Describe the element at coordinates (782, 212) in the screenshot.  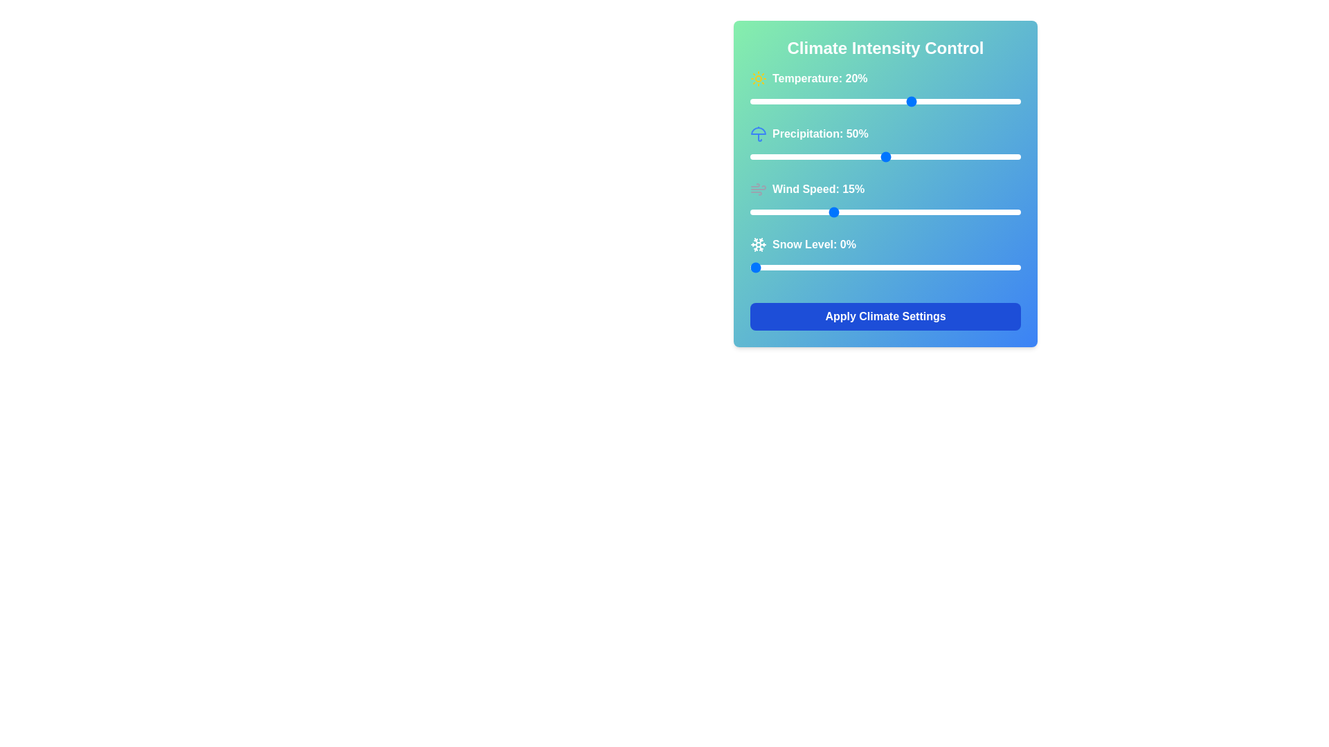
I see `wind speed` at that location.